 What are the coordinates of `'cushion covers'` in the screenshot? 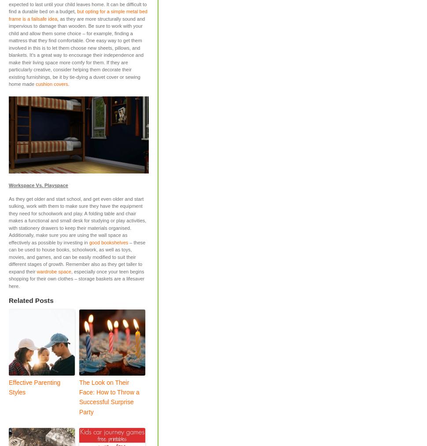 It's located at (52, 84).